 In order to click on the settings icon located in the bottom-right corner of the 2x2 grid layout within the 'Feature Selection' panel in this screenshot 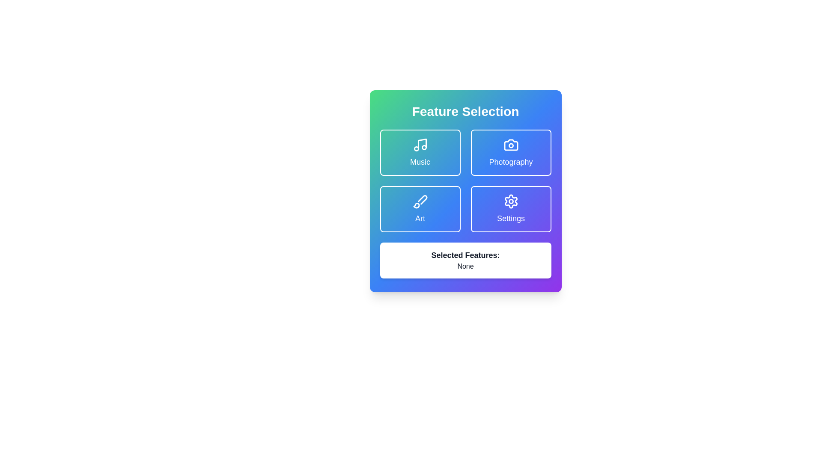, I will do `click(511, 201)`.